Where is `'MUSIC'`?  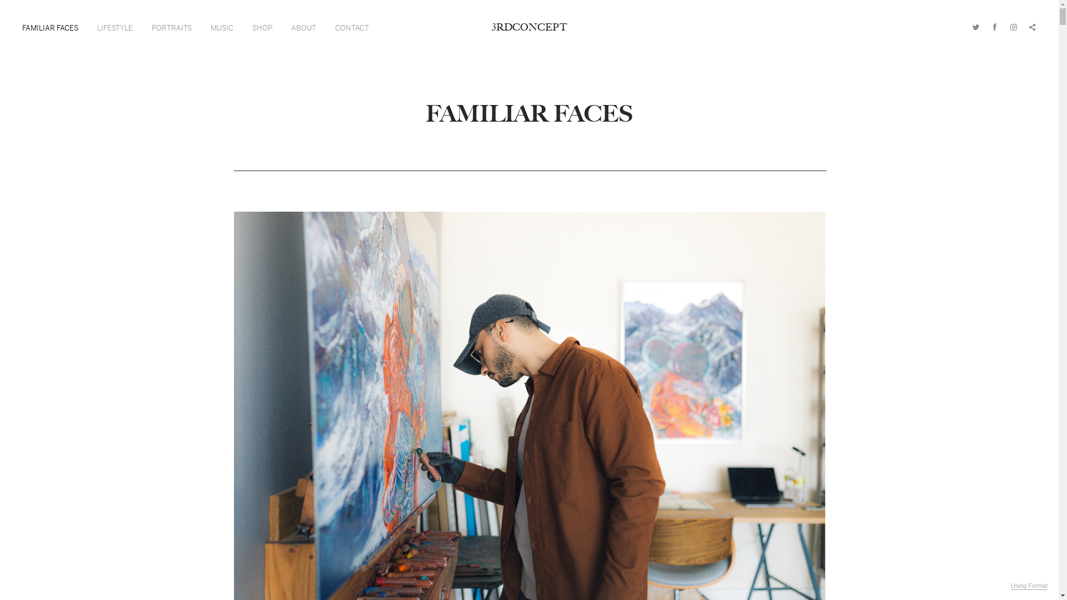 'MUSIC' is located at coordinates (211, 27).